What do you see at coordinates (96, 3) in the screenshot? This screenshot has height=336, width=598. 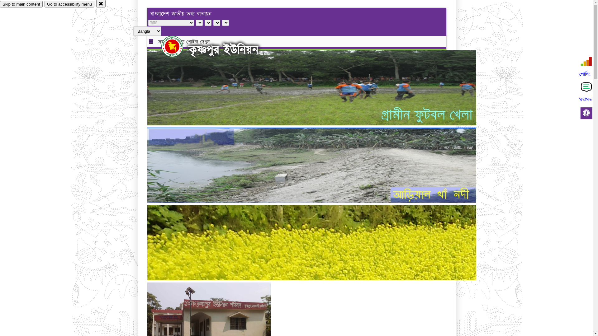 I see `'close'` at bounding box center [96, 3].